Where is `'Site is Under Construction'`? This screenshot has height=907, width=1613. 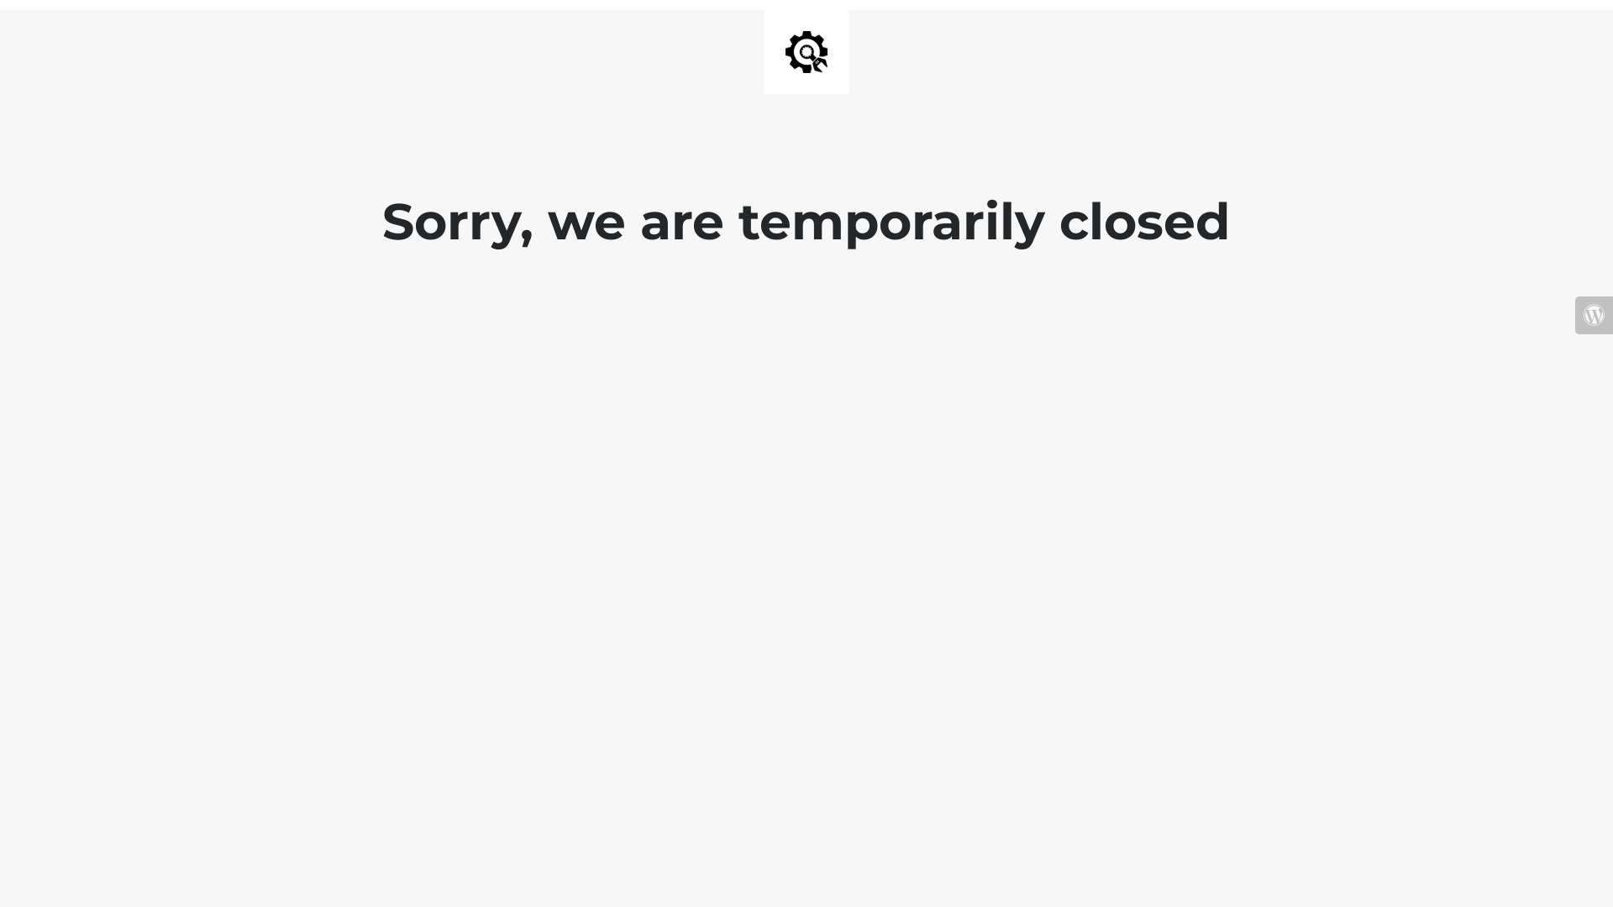 'Site is Under Construction' is located at coordinates (806, 50).